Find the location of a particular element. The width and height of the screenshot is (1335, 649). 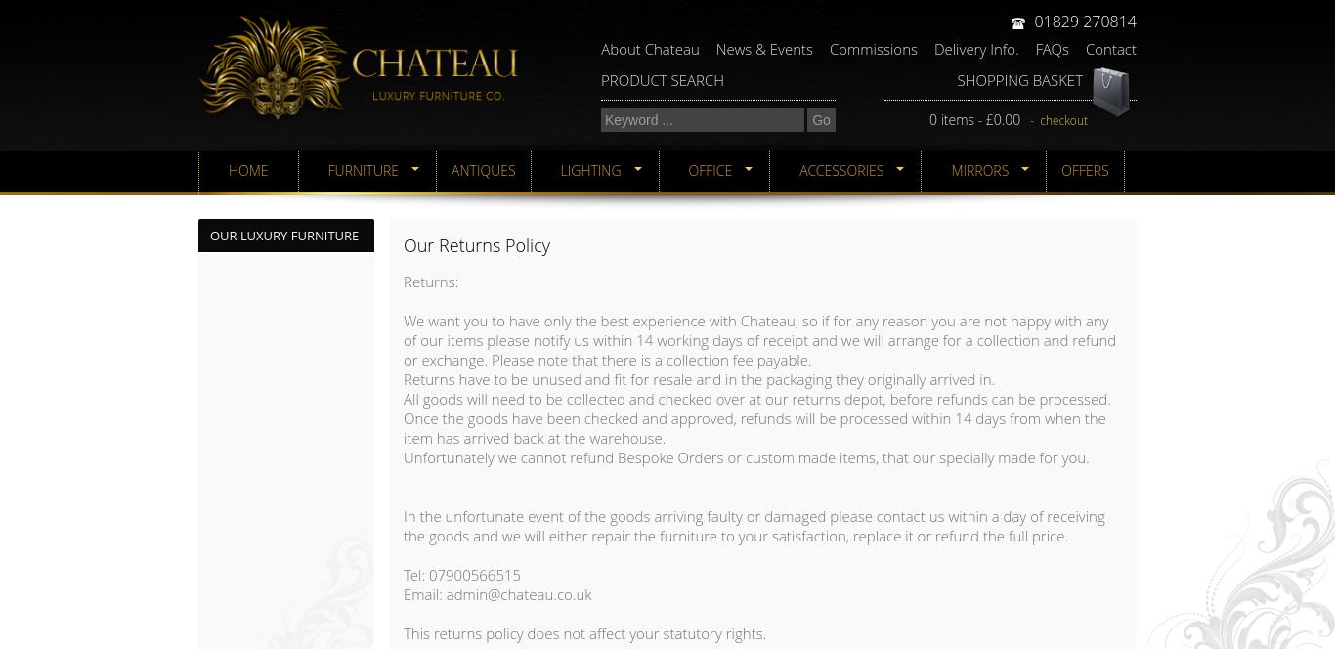

'All goods will need to be collected and checked over at our returns depot, before refunds can be processed. Once the goods have been checked and approved, refunds will be processed within 14 days from when the item has arrived back at the warehouse.' is located at coordinates (756, 418).